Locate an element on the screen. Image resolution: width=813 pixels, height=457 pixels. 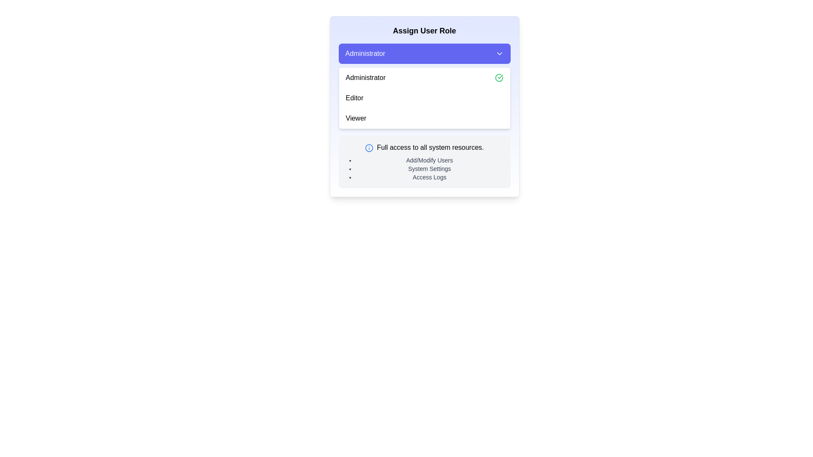
the 'Editor' button-like list item, which is the second option in a vertical list of three items is located at coordinates (424, 97).